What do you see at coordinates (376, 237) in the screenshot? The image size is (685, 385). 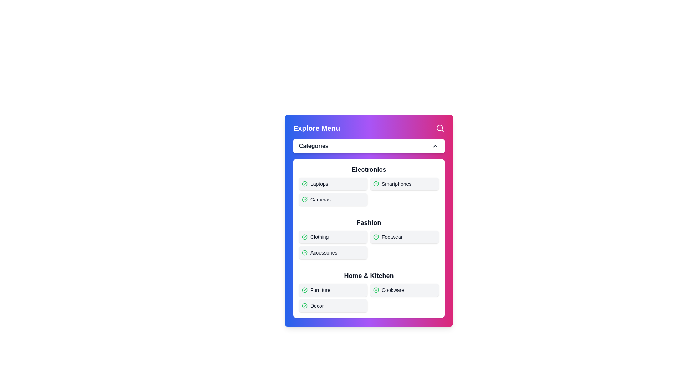 I see `the circular green checkmark icon located to the left of the 'Footwear' label in the second row under the 'Fashion' section as a status indicator` at bounding box center [376, 237].